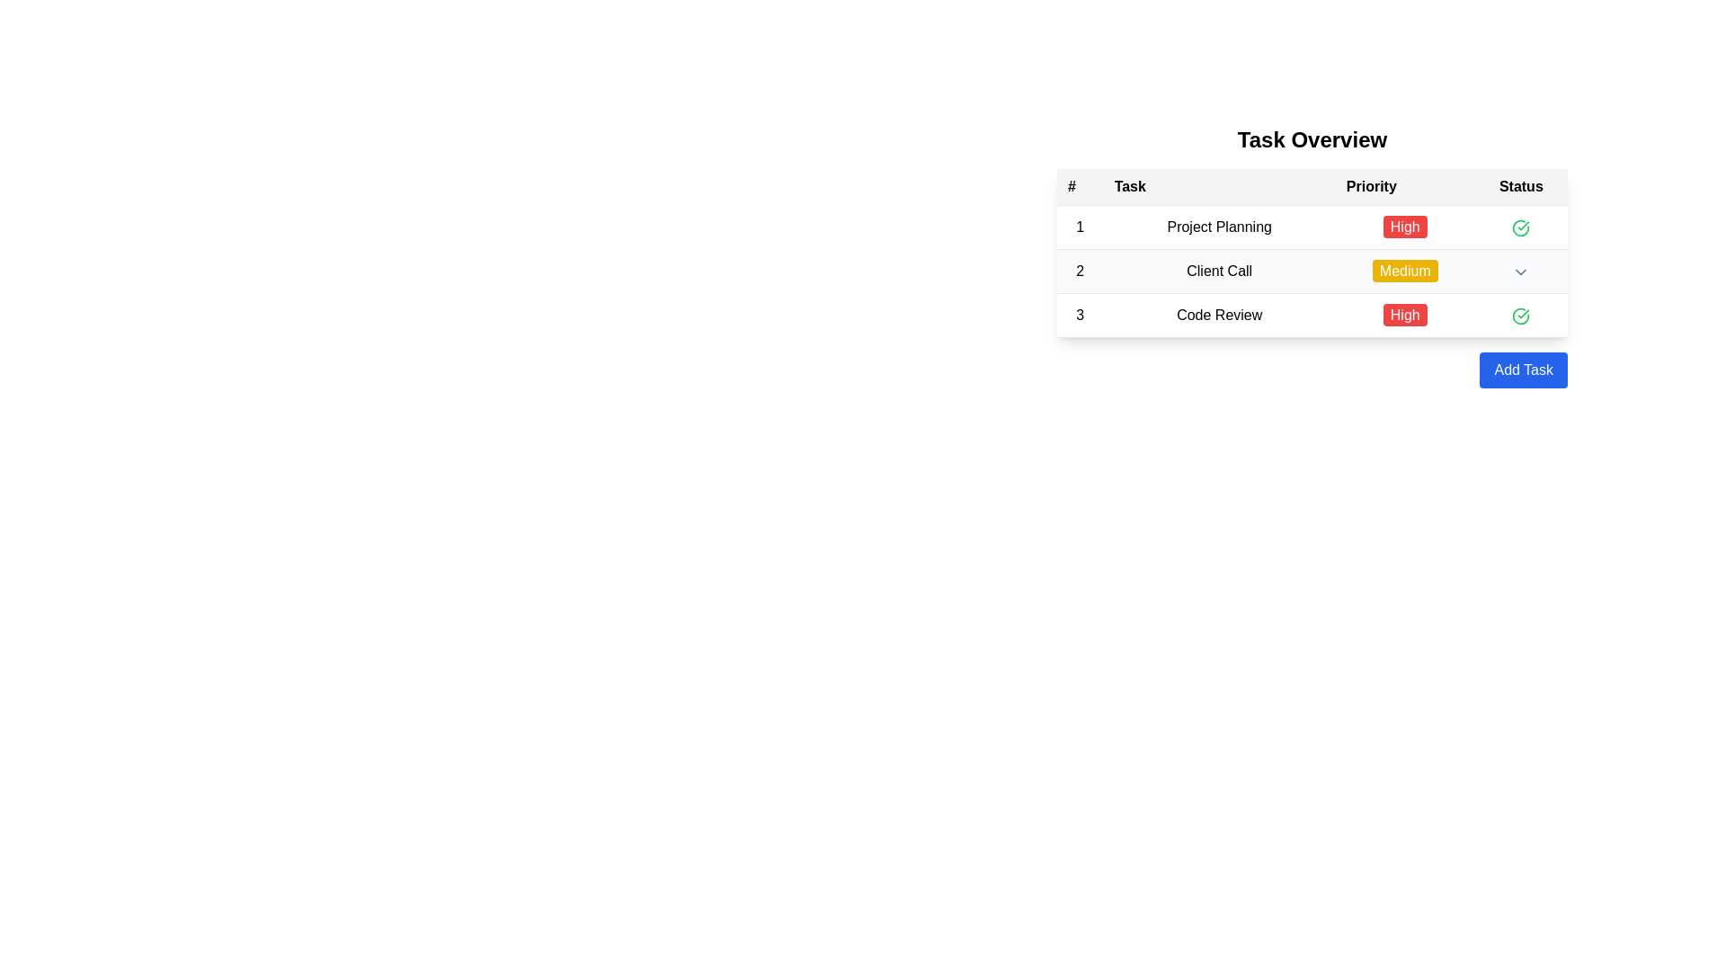 The width and height of the screenshot is (1726, 971). What do you see at coordinates (1520, 187) in the screenshot?
I see `the 'Status' text label, which is a bold, black text header in a table layout at the far-right position among other headers ('#', 'Task', 'Priority')` at bounding box center [1520, 187].